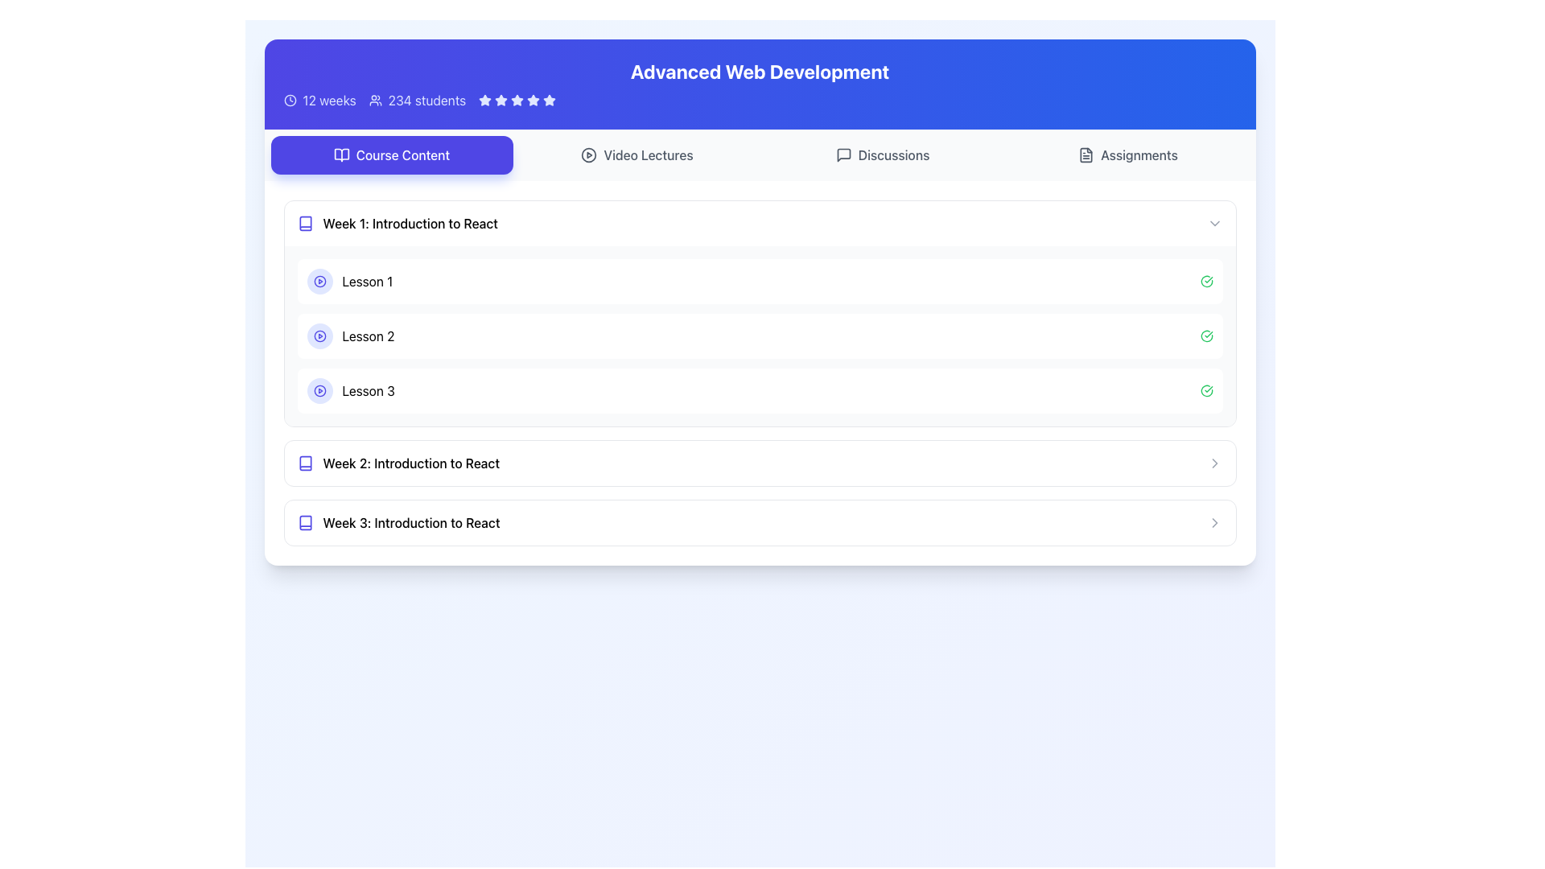  What do you see at coordinates (319, 335) in the screenshot?
I see `the circular icon with a centered play button symbol, which has a light indigo background and is positioned to the left of the text 'Lesson 2'` at bounding box center [319, 335].